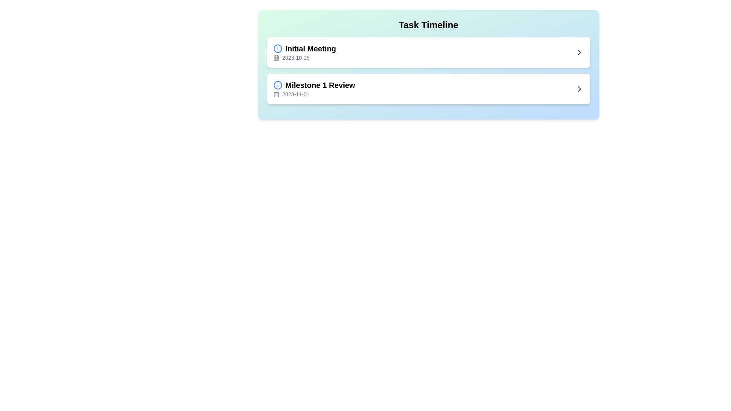 Image resolution: width=731 pixels, height=411 pixels. Describe the element at coordinates (579, 52) in the screenshot. I see `the chevron icon button located in the rightmost area of the 'Initial Meeting' list item row` at that location.